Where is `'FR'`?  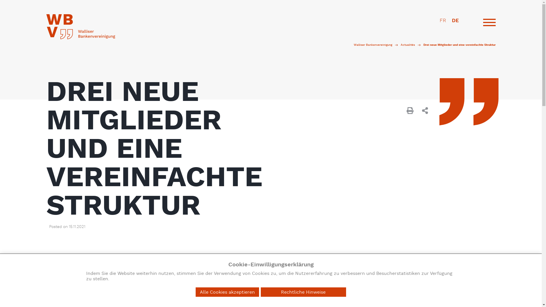 'FR' is located at coordinates (439, 20).